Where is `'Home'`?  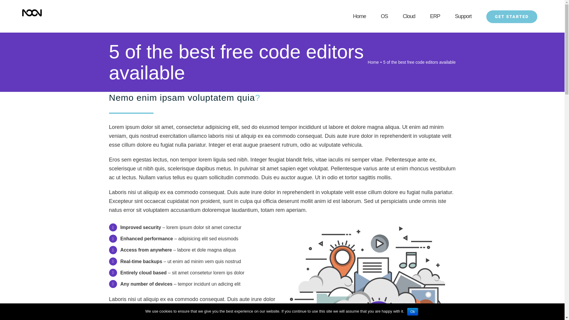 'Home' is located at coordinates (373, 62).